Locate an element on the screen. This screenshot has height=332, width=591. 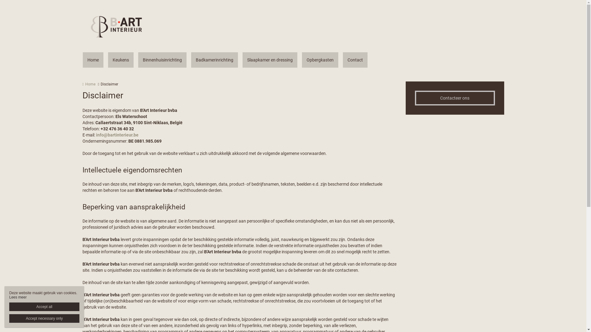
'Opbergkasten' is located at coordinates (320, 60).